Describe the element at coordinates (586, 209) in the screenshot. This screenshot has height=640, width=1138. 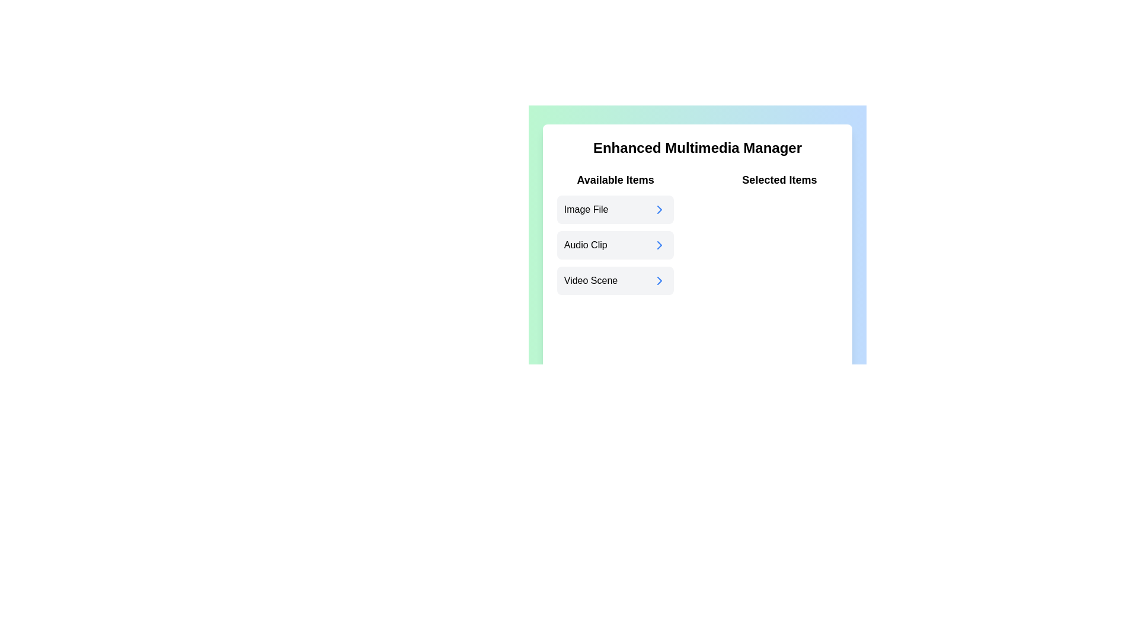
I see `the 'Image File' text label, which is styled in a medium-weight font and located under the 'Available Items' heading` at that location.